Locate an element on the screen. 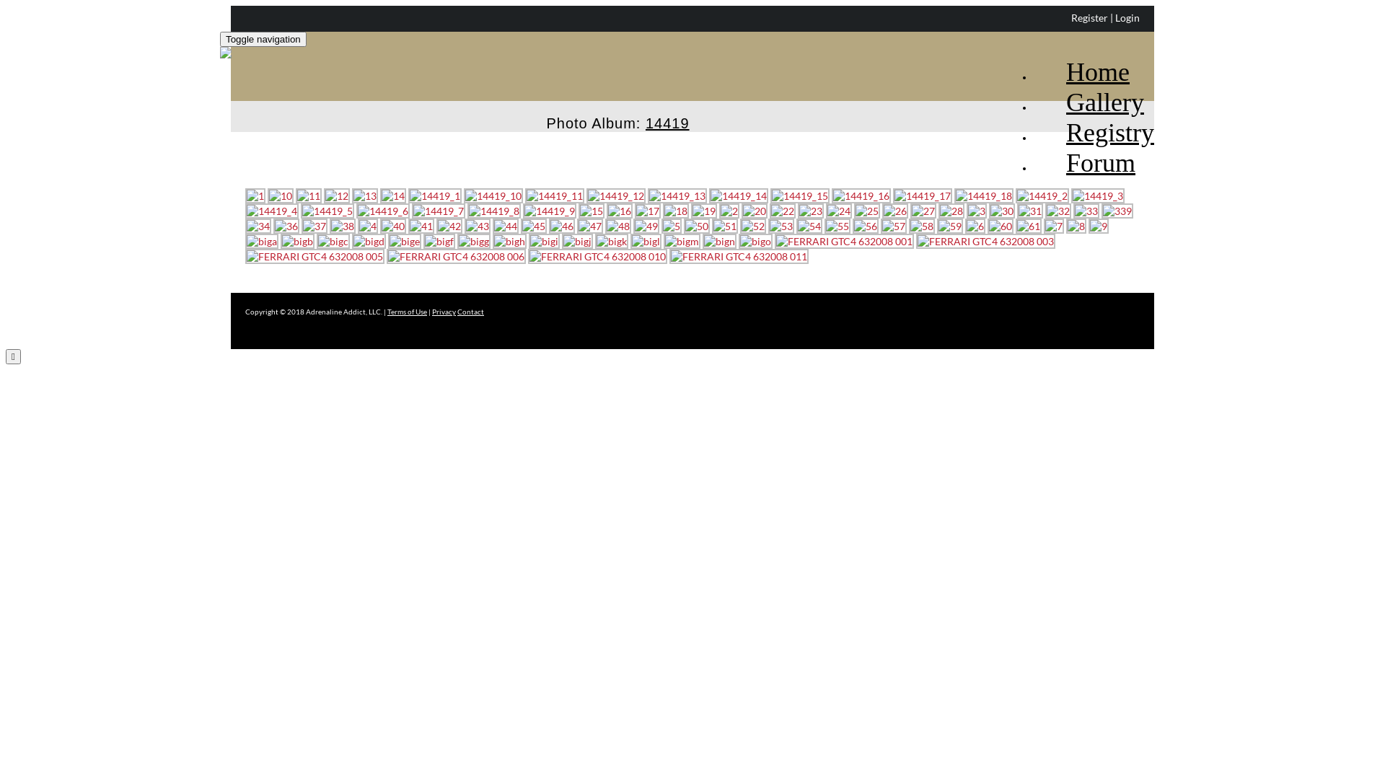  '2 (click to enlarge)' is located at coordinates (729, 211).